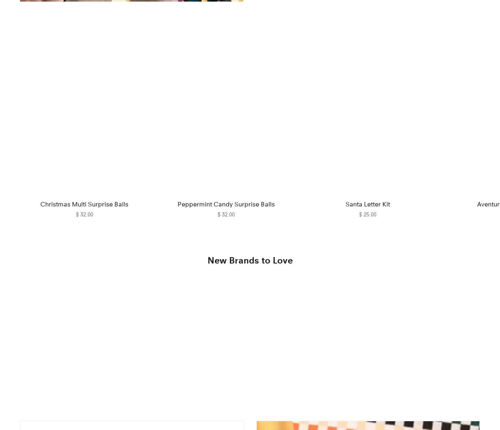 The width and height of the screenshot is (500, 430). I want to click on 'House Plant Shop', so click(309, 396).